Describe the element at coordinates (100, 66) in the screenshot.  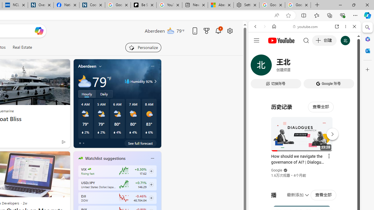
I see `'My location'` at that location.